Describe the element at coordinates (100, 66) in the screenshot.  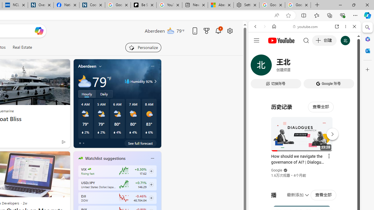
I see `'My location'` at that location.